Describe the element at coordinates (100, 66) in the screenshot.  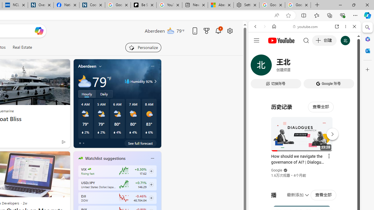
I see `'My location'` at that location.